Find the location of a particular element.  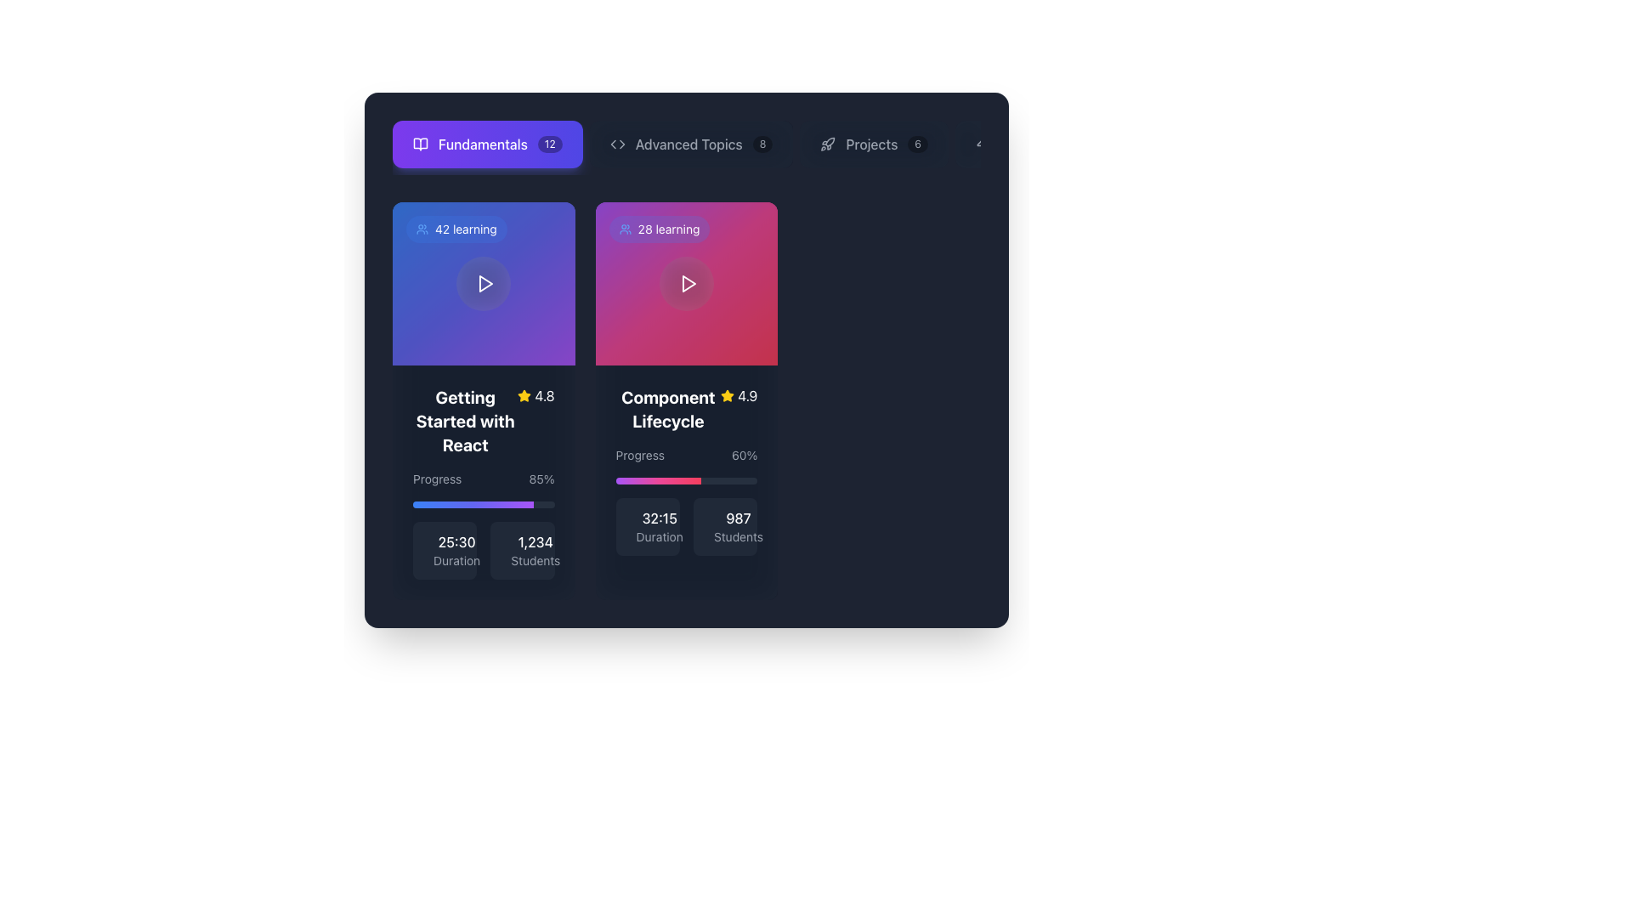

the yellow star icon in the rating section of the second card, which is adjacent to the '4.9' text rating is located at coordinates (728, 396).